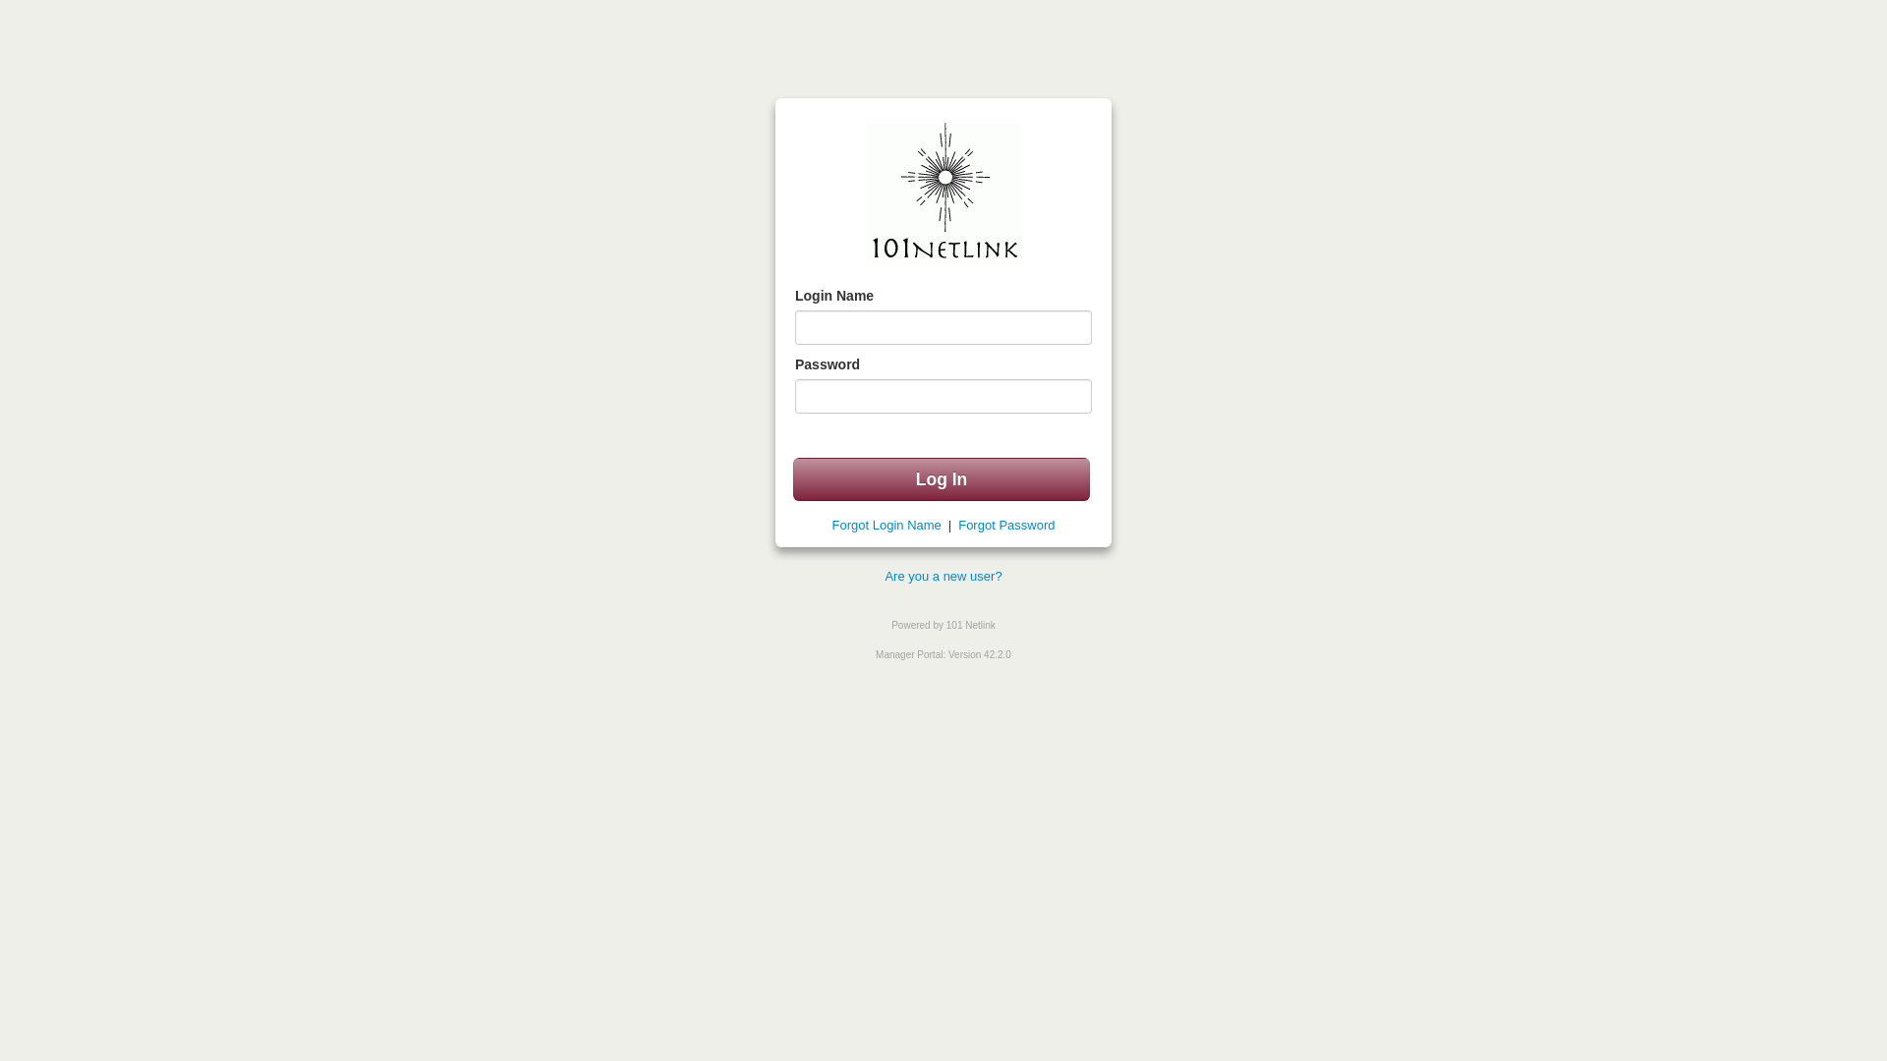 Image resolution: width=1887 pixels, height=1061 pixels. Describe the element at coordinates (831, 524) in the screenshot. I see `'Forgot Login Name'` at that location.